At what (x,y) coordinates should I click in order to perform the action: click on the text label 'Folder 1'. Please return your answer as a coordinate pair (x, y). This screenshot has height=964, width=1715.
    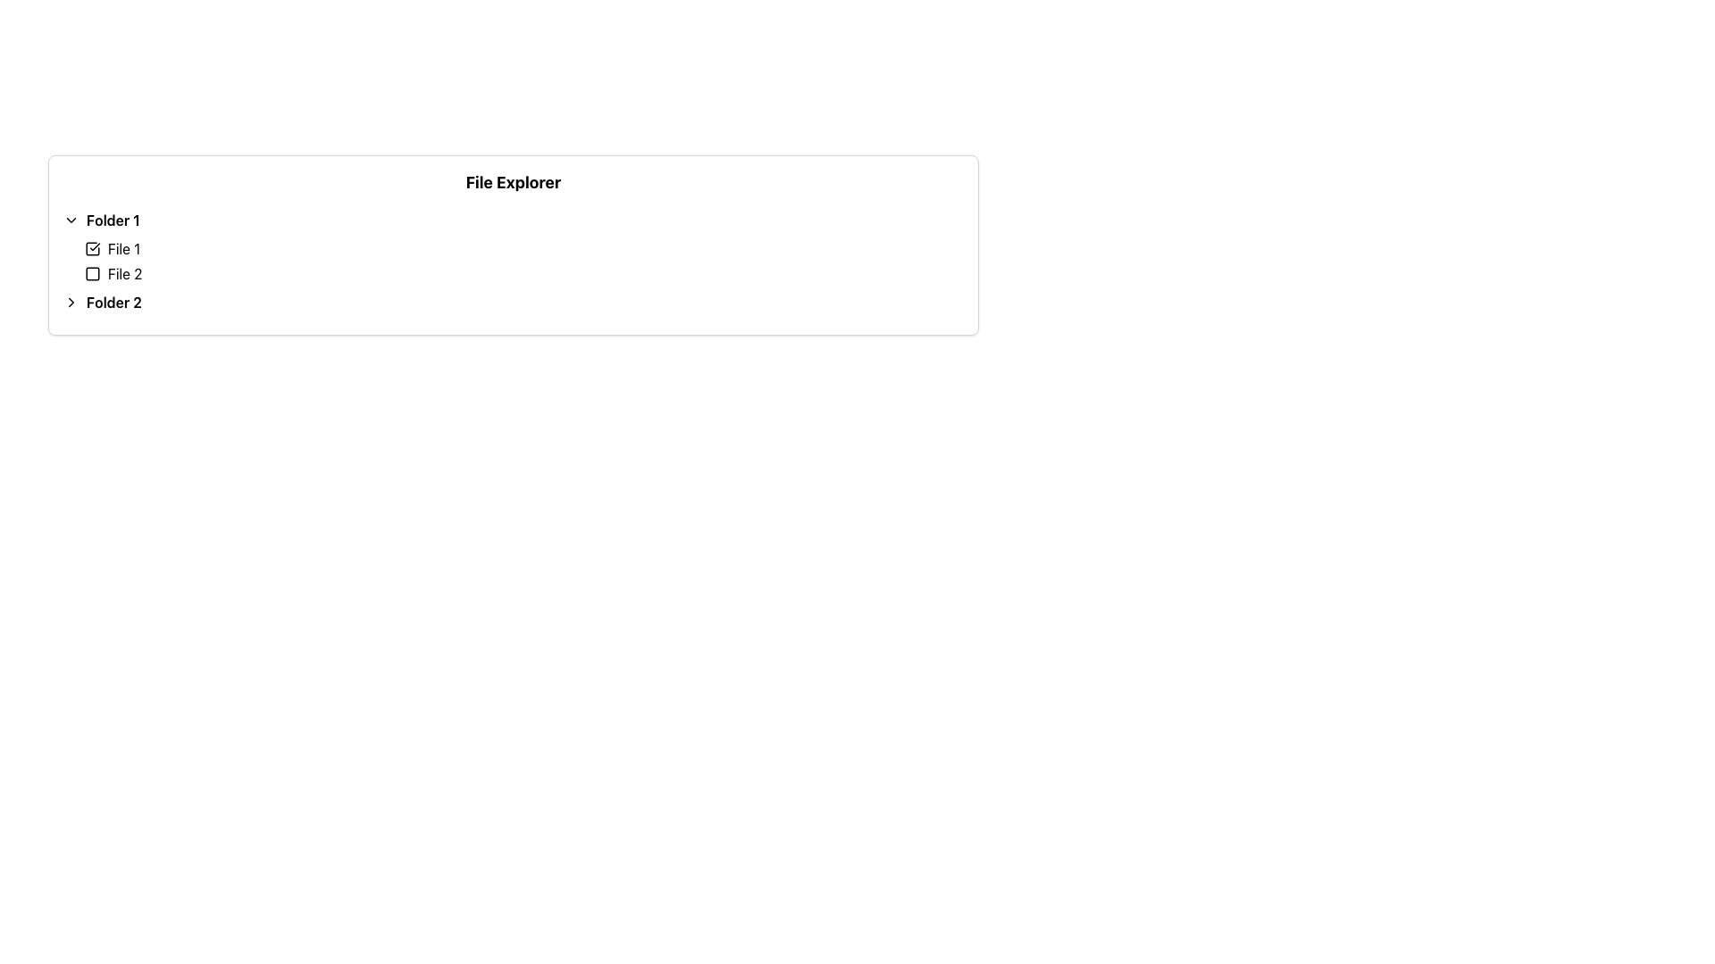
    Looking at the image, I should click on (112, 219).